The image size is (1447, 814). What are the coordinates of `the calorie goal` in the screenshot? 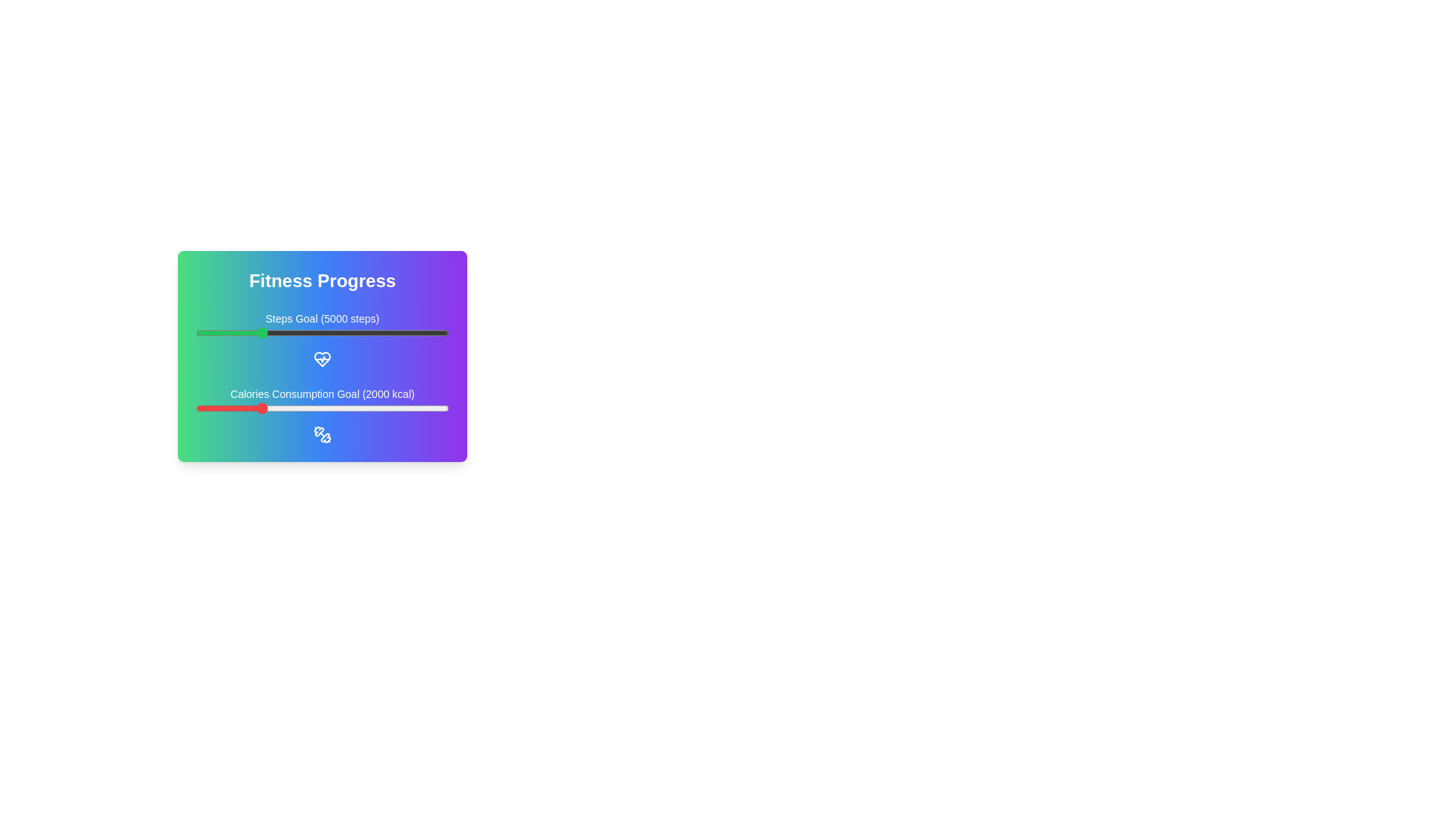 It's located at (409, 409).